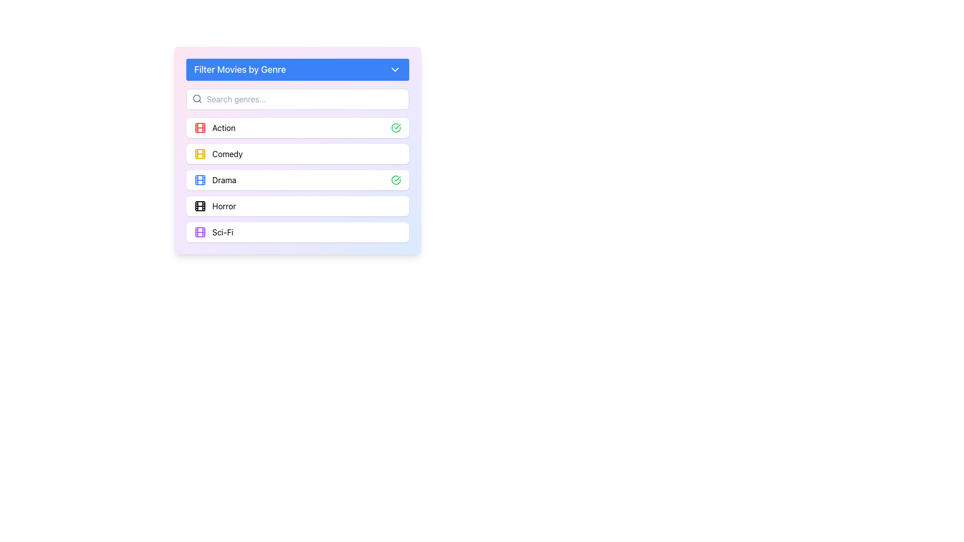  What do you see at coordinates (200, 206) in the screenshot?
I see `the small rectangular shape with rounded corners within the movie reel icon on the 'Horror' genre row in the 'Filter Movies by Genre' interface` at bounding box center [200, 206].